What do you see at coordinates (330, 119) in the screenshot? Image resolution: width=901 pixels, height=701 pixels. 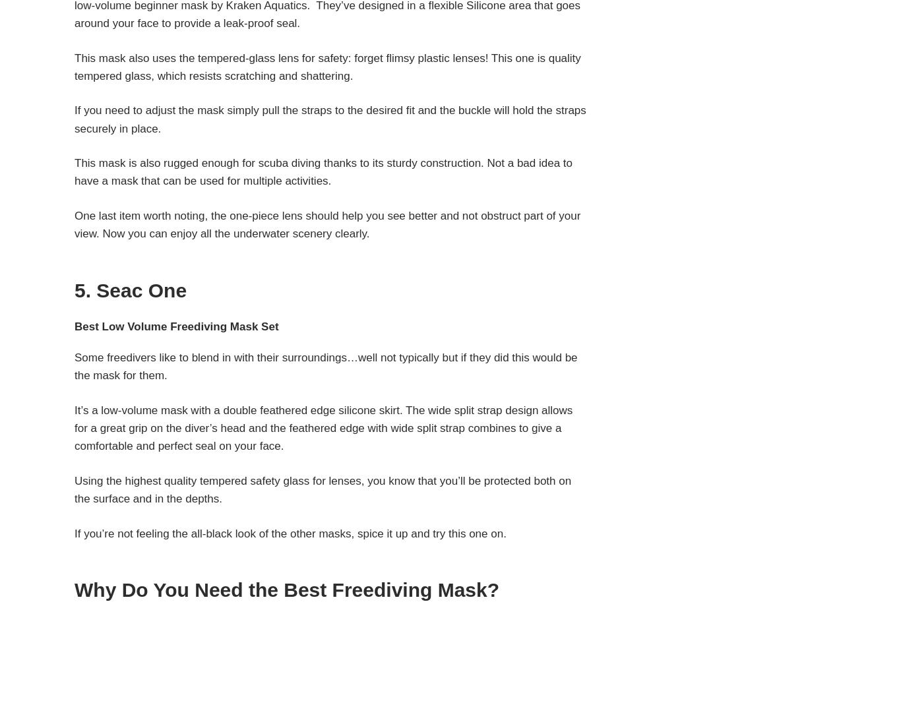 I see `'If you need to adjust the mask simply pull the straps to the desired fit and the buckle will hold the straps securely in place.'` at bounding box center [330, 119].